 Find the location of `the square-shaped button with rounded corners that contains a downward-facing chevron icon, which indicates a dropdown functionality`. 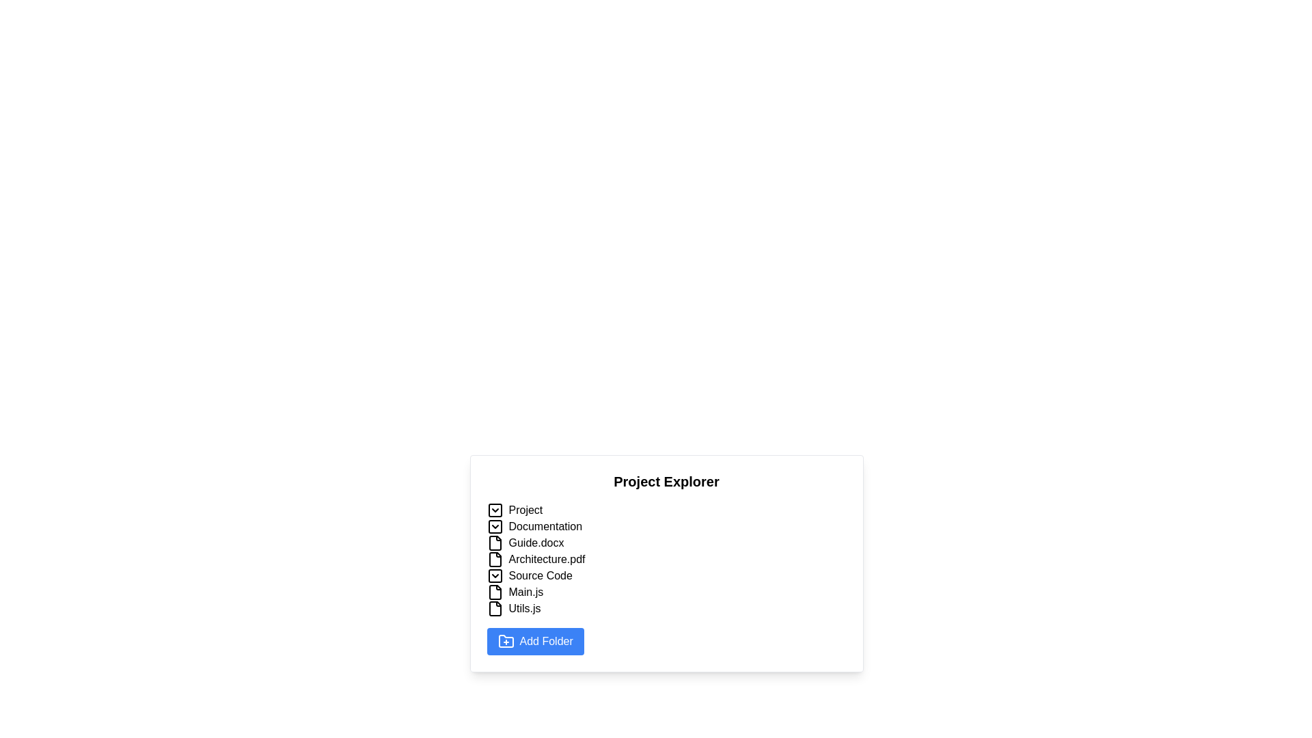

the square-shaped button with rounded corners that contains a downward-facing chevron icon, which indicates a dropdown functionality is located at coordinates (494, 576).